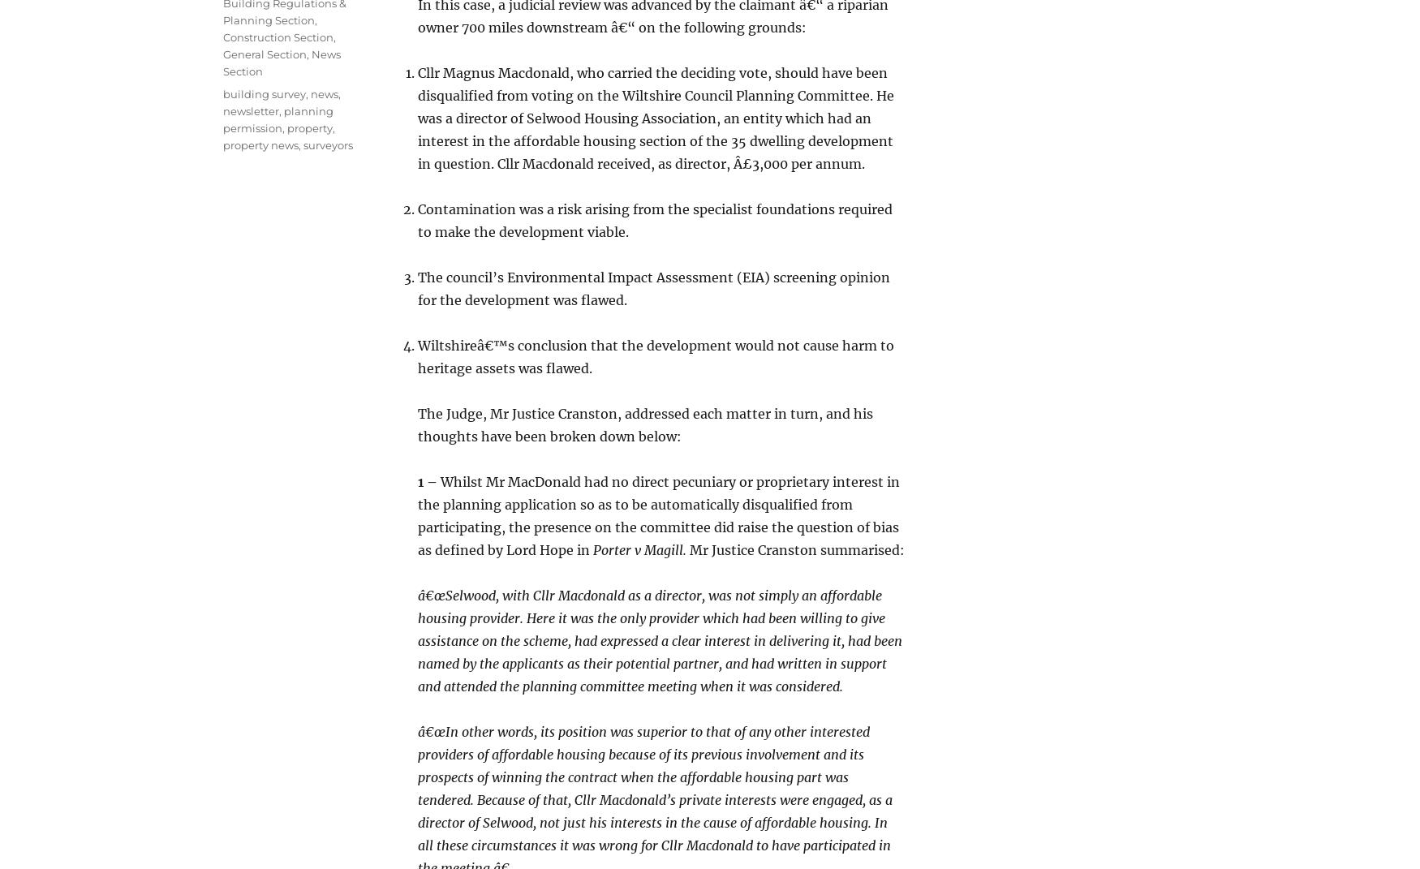 The image size is (1420, 869). I want to click on 'The Judge, Mr Justice Cranston, addressed each matter in turn, and his thoughts have been broken down below:', so click(644, 423).